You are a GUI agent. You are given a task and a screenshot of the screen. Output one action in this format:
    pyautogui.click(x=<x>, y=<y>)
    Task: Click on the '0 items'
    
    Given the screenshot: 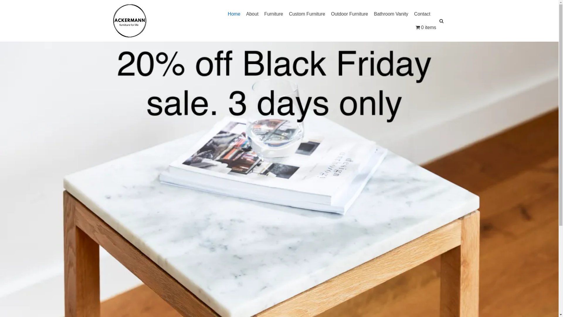 What is the action you would take?
    pyautogui.click(x=426, y=27)
    